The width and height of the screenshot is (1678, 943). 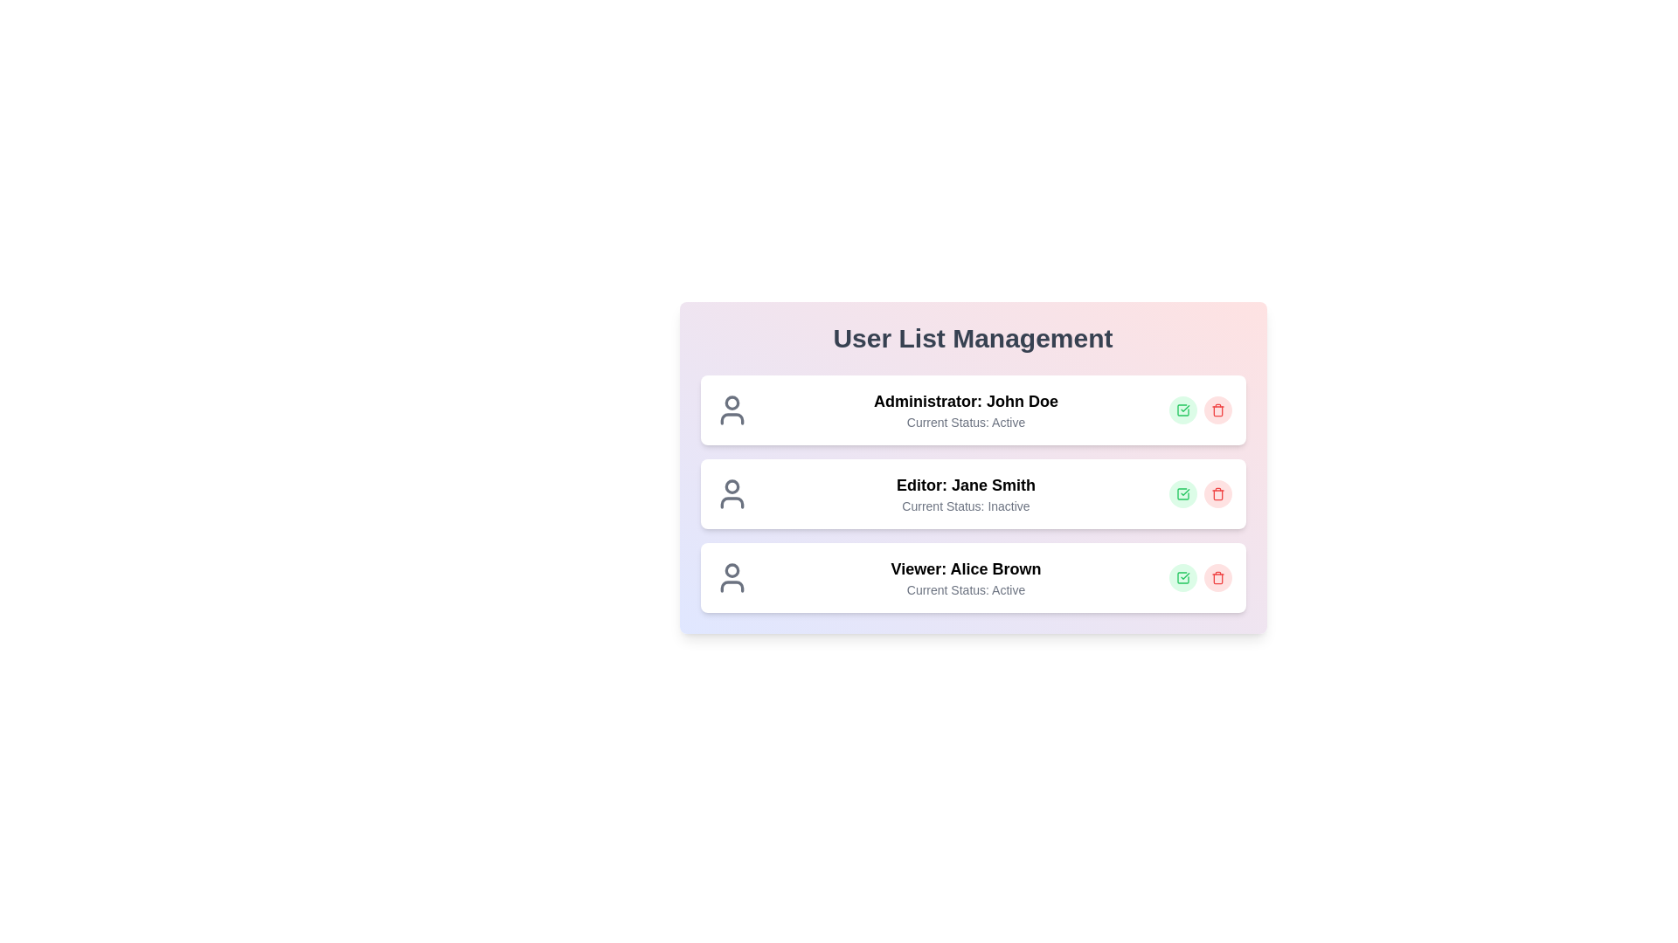 I want to click on the left green button with a check mark icon, so click(x=1199, y=578).